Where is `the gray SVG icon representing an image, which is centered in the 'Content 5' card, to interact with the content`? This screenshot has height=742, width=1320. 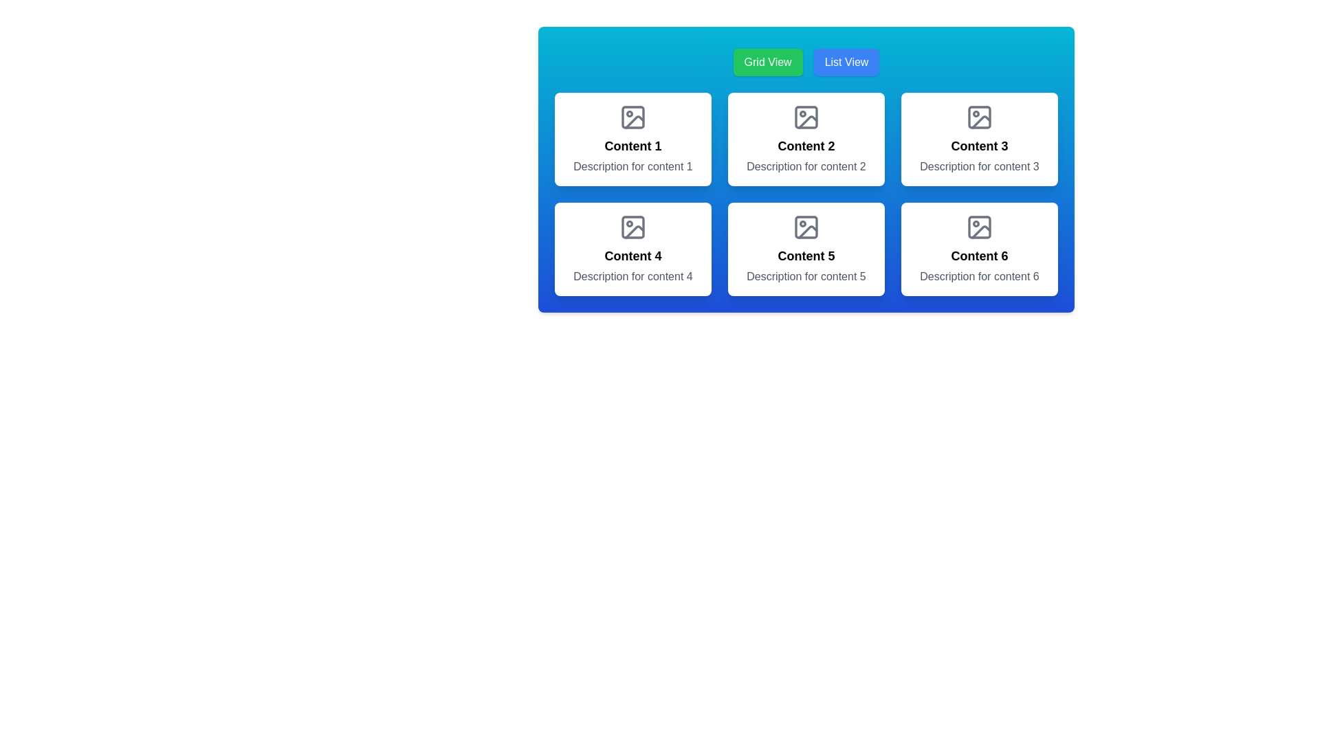 the gray SVG icon representing an image, which is centered in the 'Content 5' card, to interact with the content is located at coordinates (806, 227).